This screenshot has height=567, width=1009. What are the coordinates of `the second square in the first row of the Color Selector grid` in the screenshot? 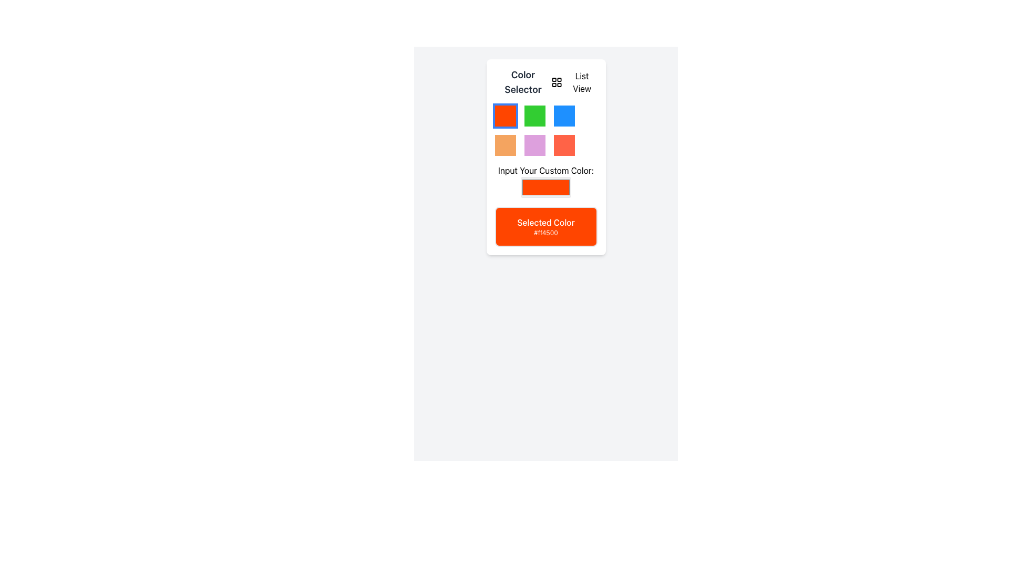 It's located at (534, 115).